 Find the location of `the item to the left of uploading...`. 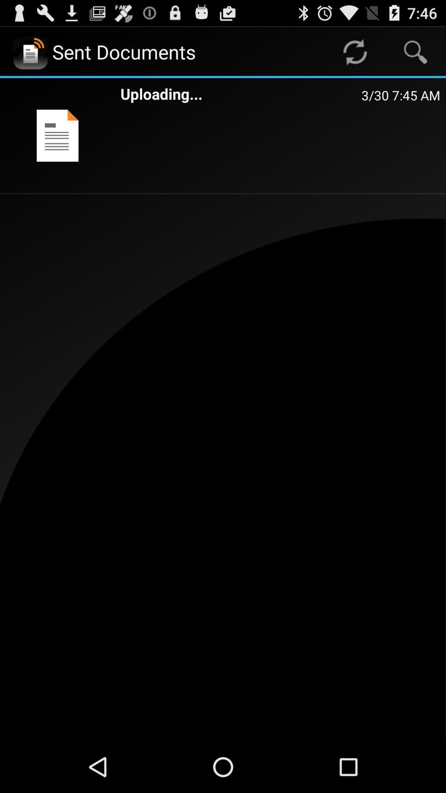

the item to the left of uploading... is located at coordinates (57, 135).